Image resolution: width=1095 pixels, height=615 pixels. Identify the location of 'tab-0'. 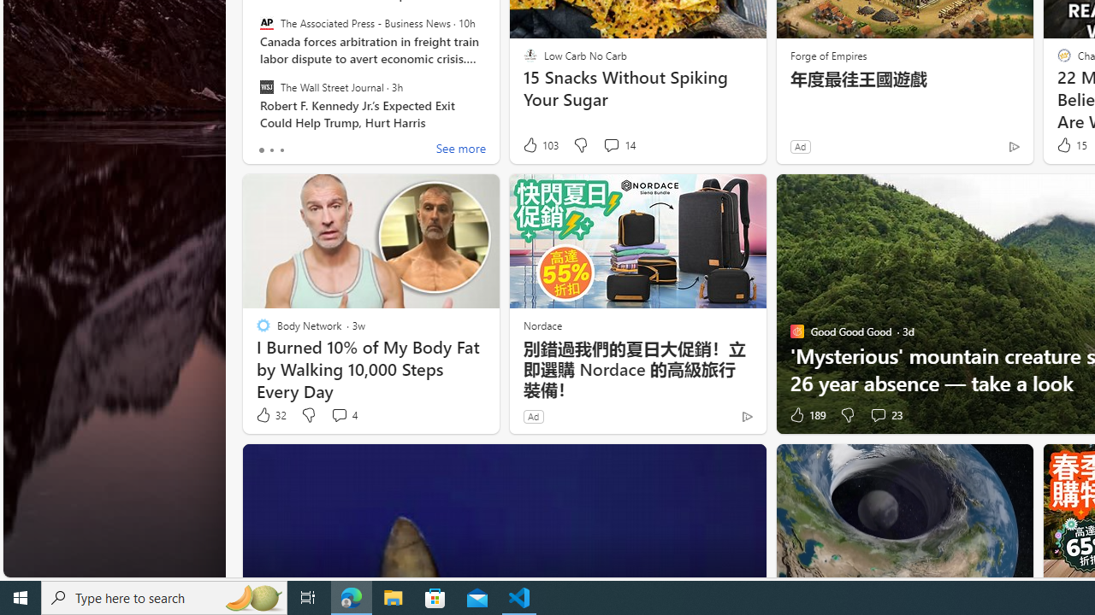
(260, 149).